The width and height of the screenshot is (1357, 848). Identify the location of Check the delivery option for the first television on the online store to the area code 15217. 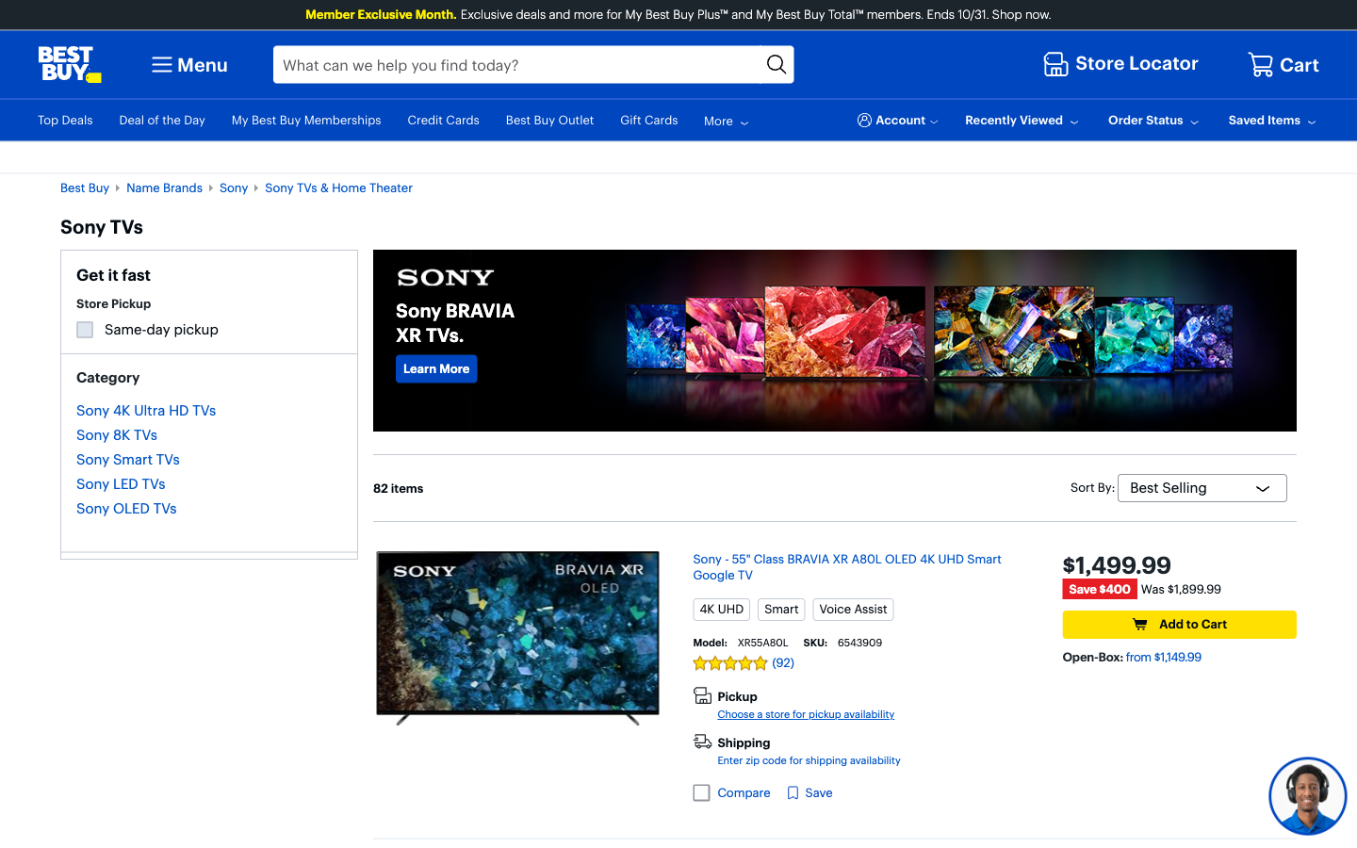
(808, 760).